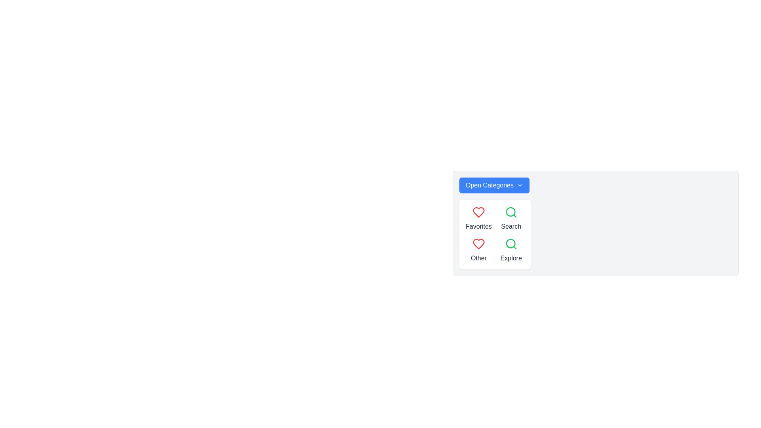  I want to click on the small white downwards-pointing chevron icon located on the right side of the 'Open Categories' blue button, so click(520, 185).